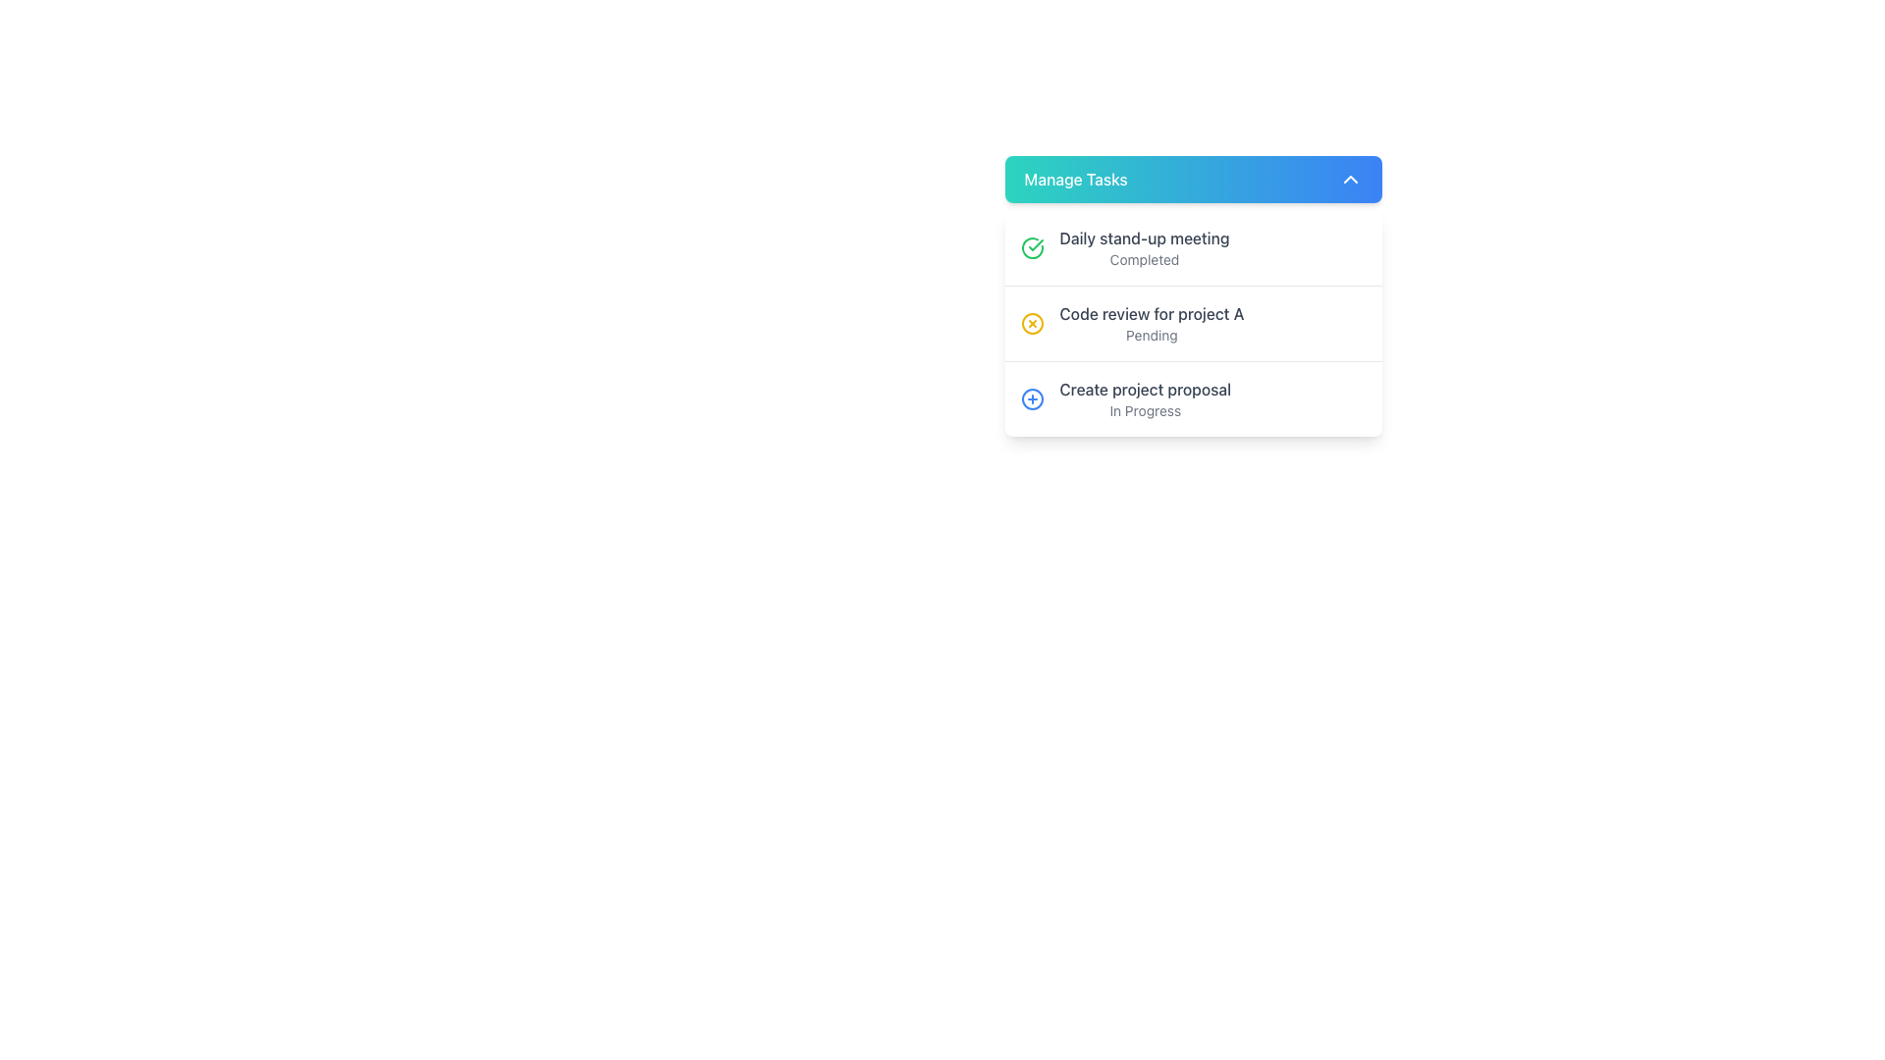 This screenshot has height=1060, width=1885. Describe the element at coordinates (1031, 247) in the screenshot. I see `the Status Indicator Icon that signifies the 'Daily stand-up meeting' task is marked as completed, located in the leftmost part of the first task entry box labeled 'Daily stand-up meeting'` at that location.